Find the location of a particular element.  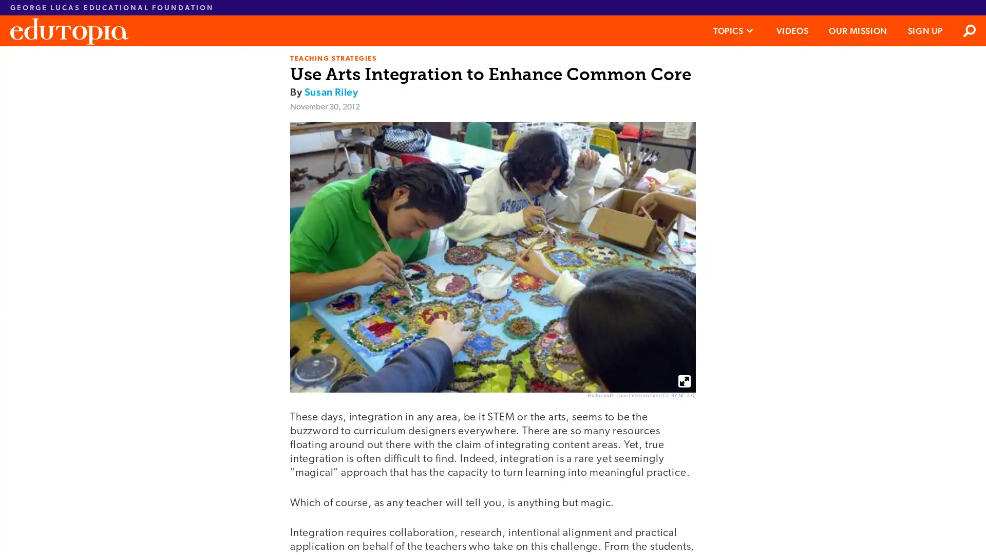

Let's get started is located at coordinates (415, 267).